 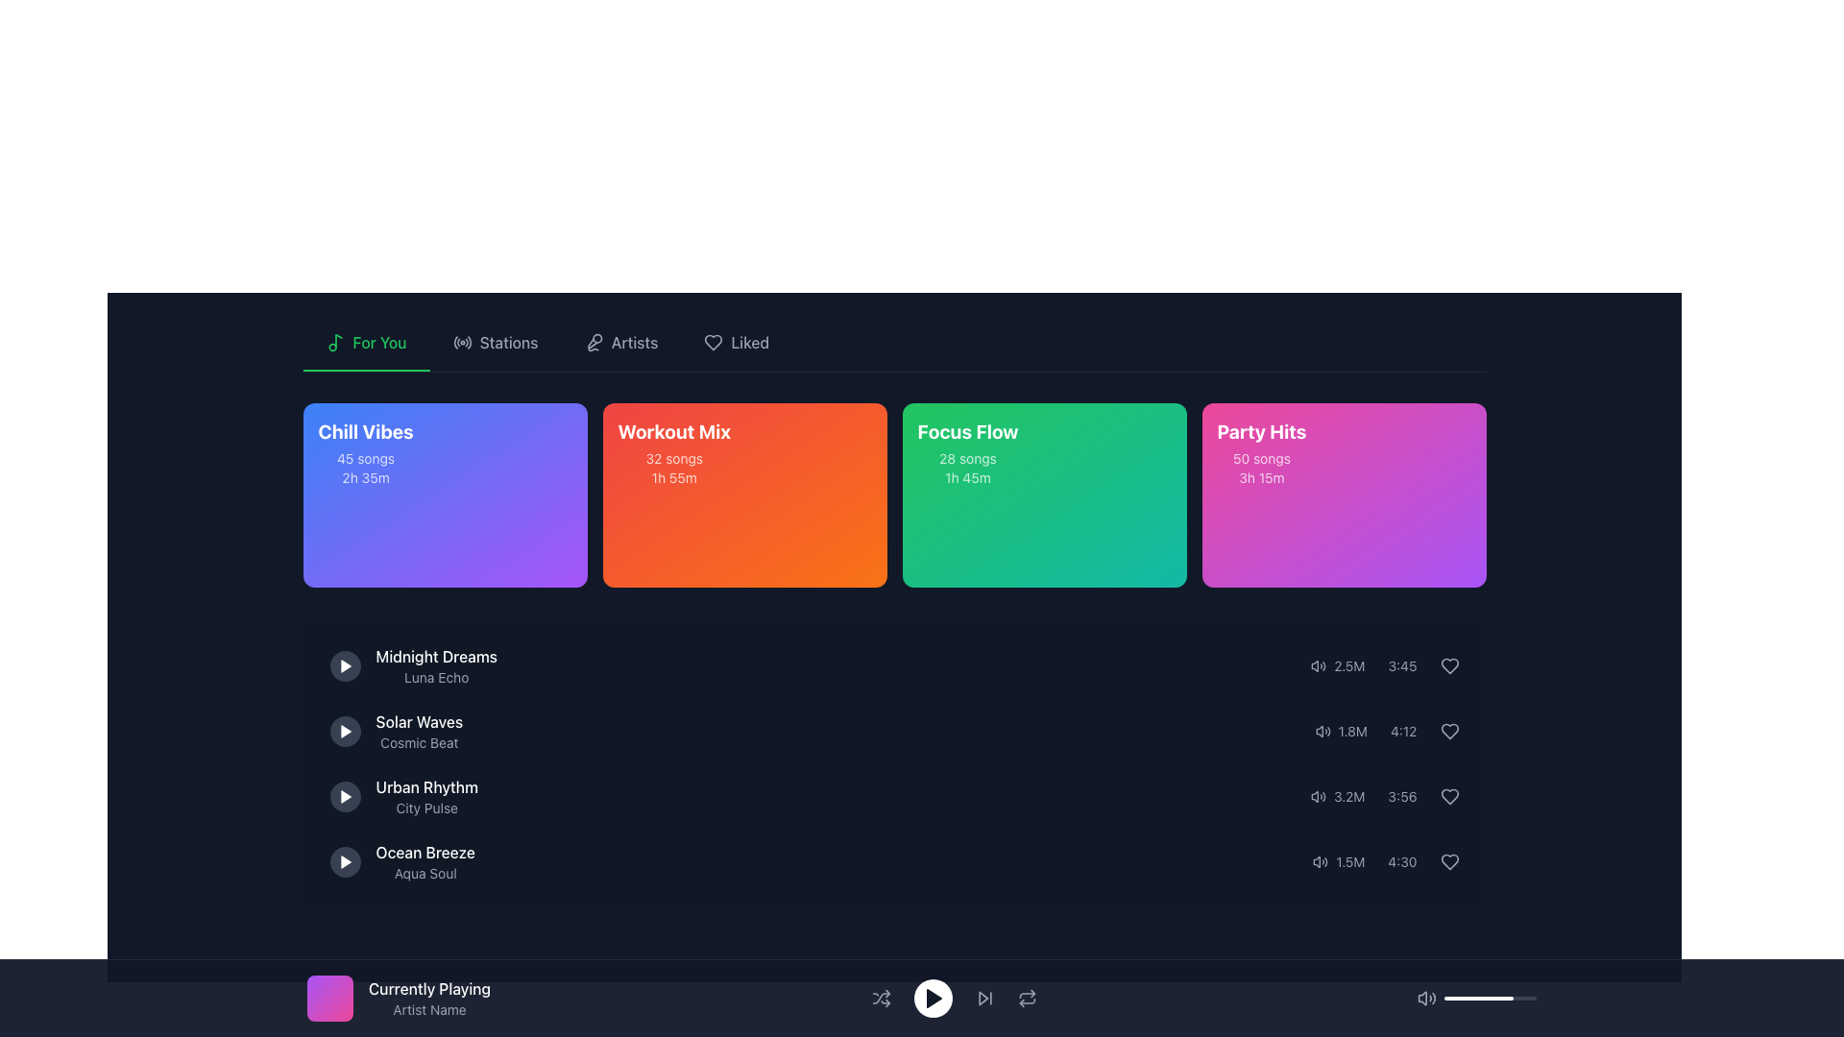 I want to click on the third arc of the volume icon, which is the outermost curved line representing sound waves, so click(x=1434, y=998).